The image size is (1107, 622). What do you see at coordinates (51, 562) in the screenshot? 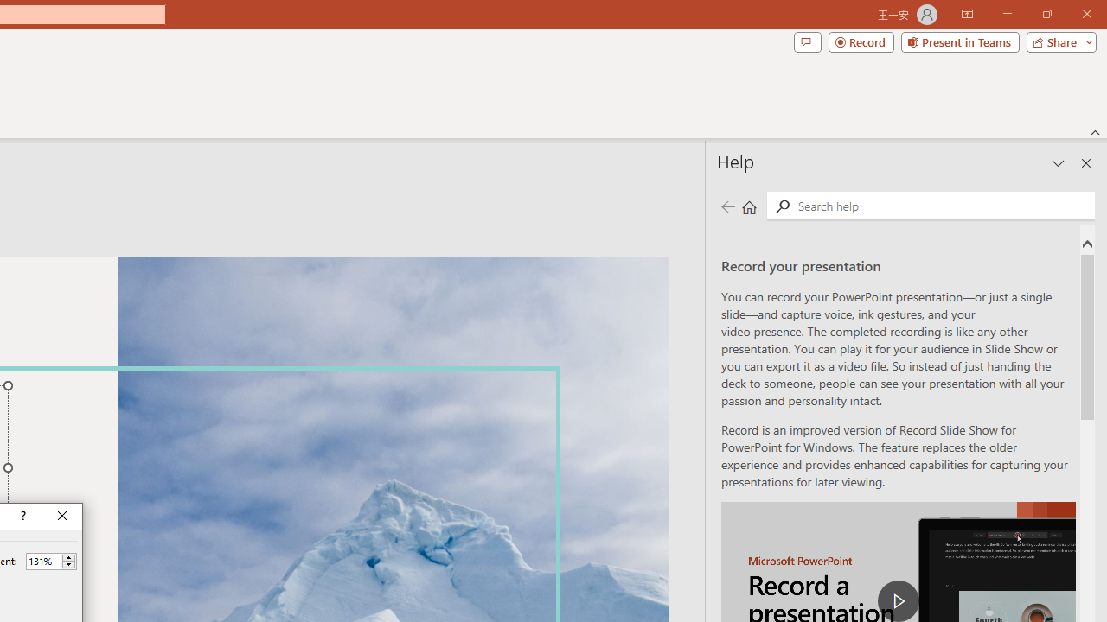
I see `'Percent'` at bounding box center [51, 562].